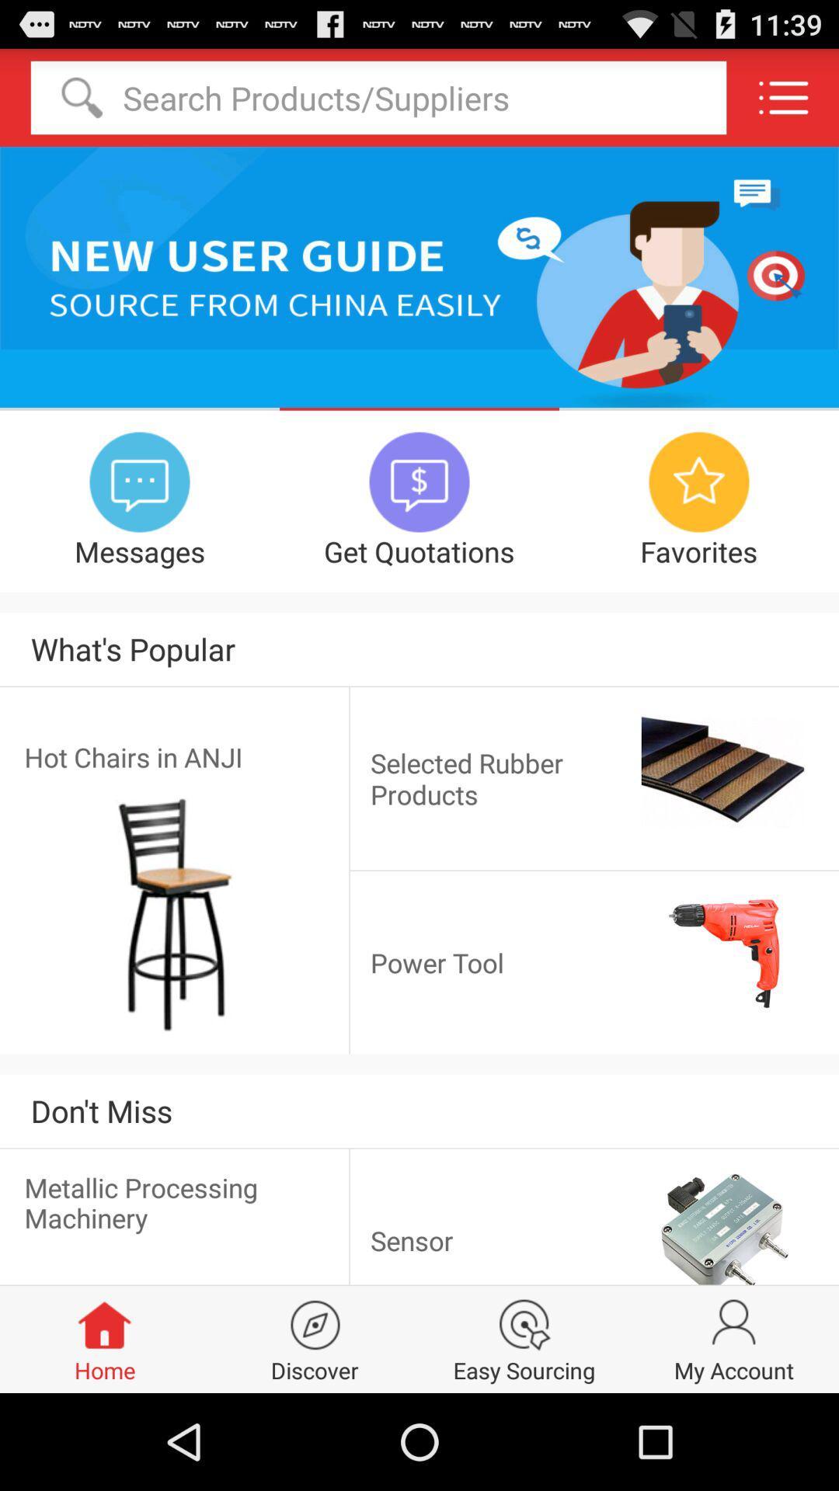  I want to click on the list icon, so click(783, 103).